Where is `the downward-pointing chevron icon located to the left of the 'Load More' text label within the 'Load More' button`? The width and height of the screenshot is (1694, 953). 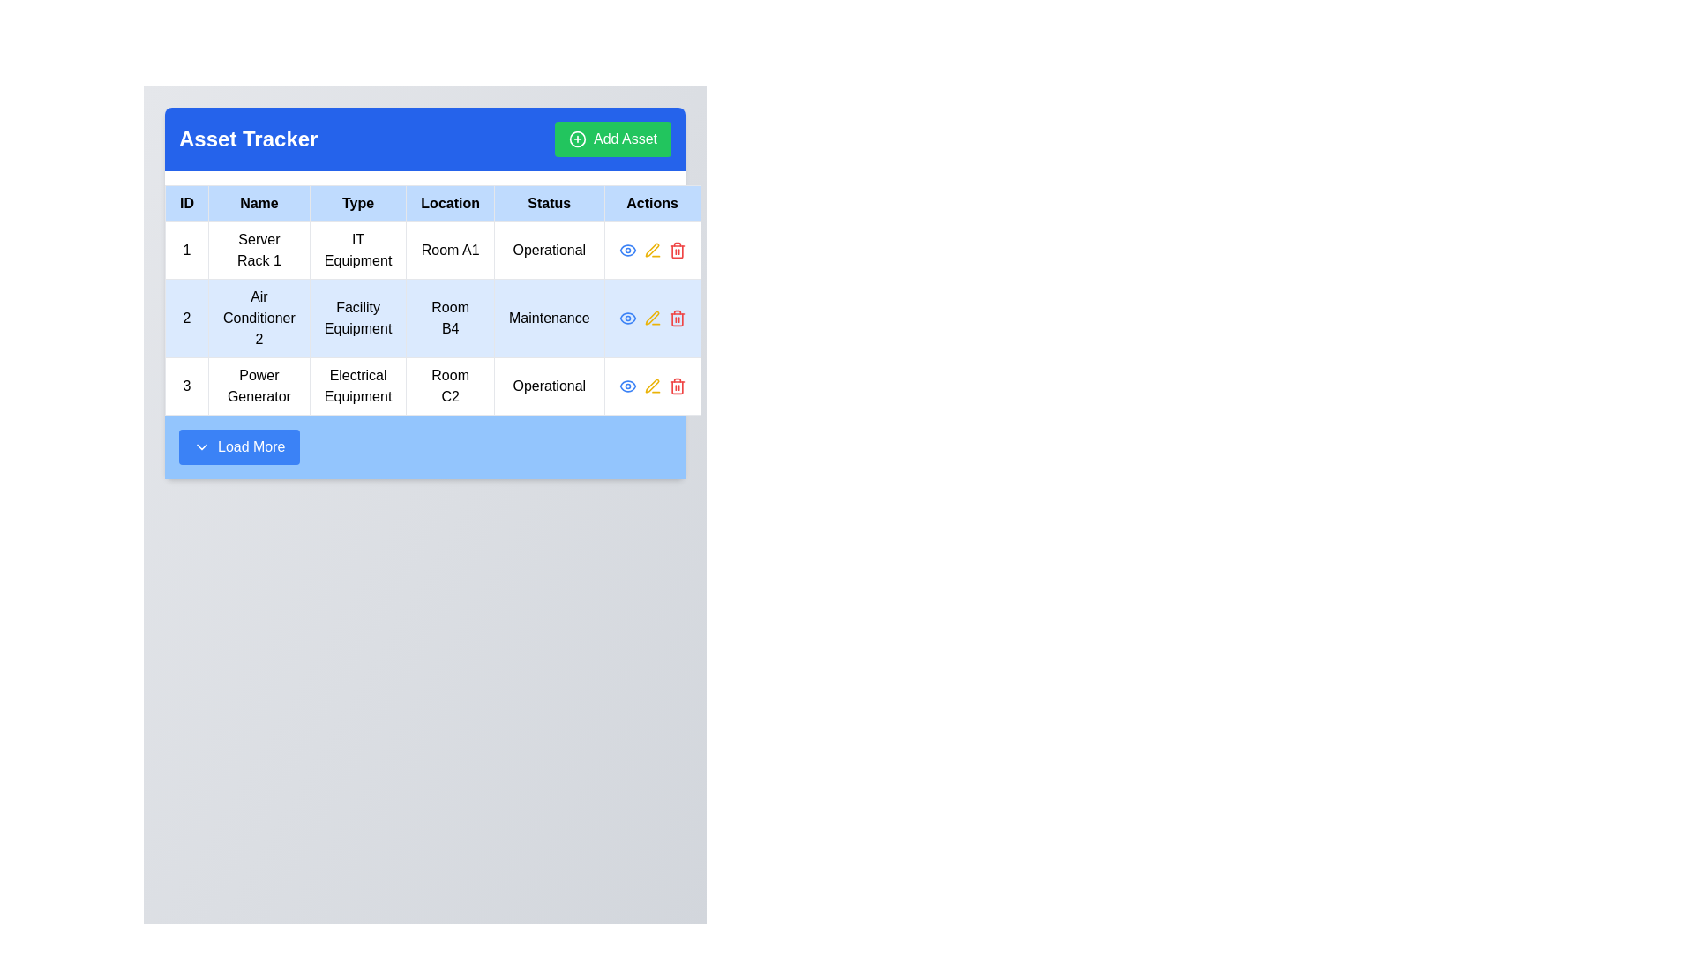 the downward-pointing chevron icon located to the left of the 'Load More' text label within the 'Load More' button is located at coordinates (202, 446).